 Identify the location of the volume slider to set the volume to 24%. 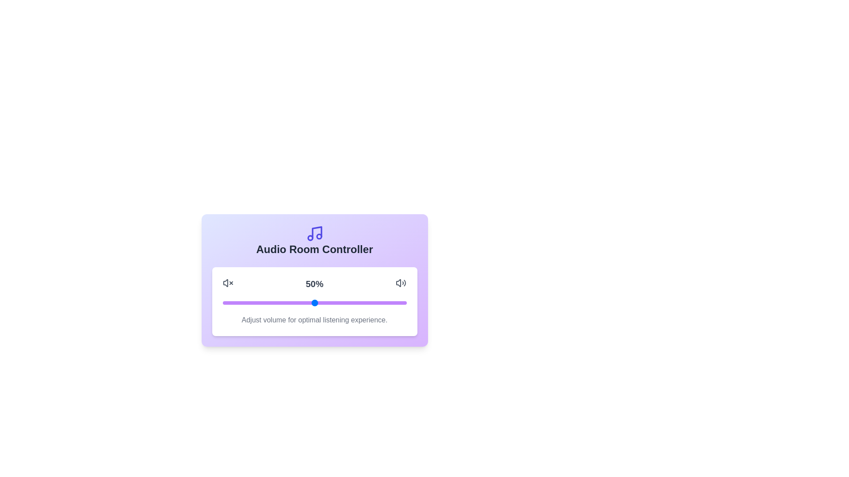
(266, 303).